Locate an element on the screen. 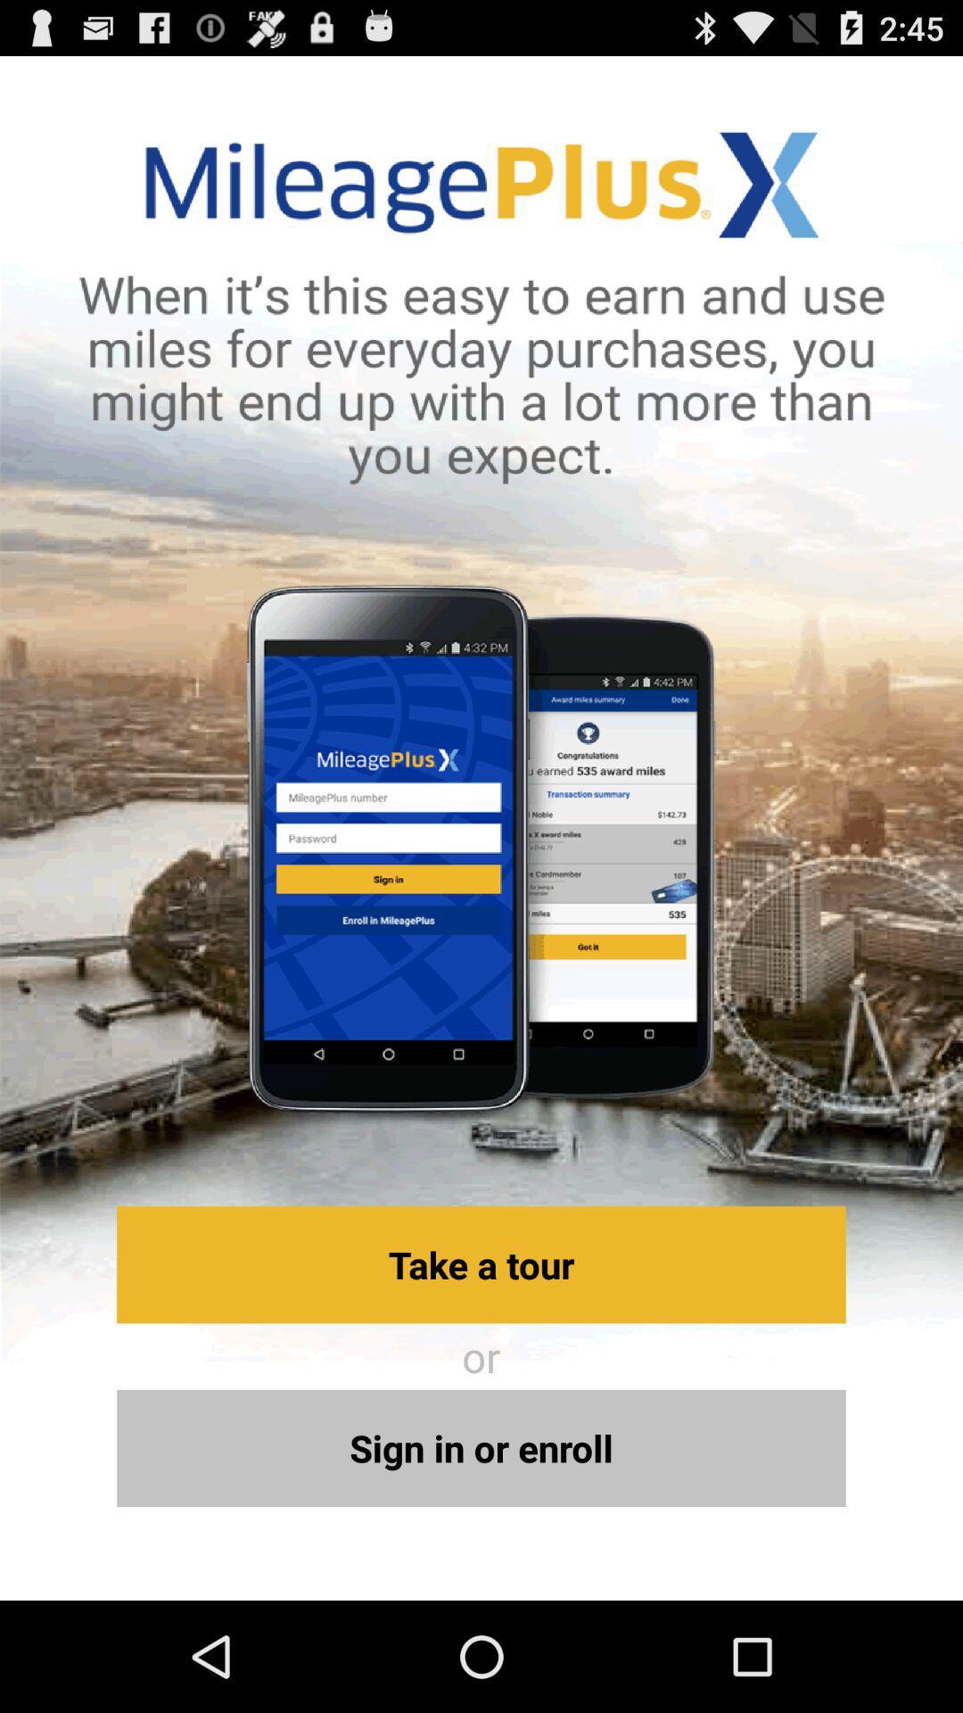 Image resolution: width=963 pixels, height=1713 pixels. the item below the or icon is located at coordinates (481, 1448).